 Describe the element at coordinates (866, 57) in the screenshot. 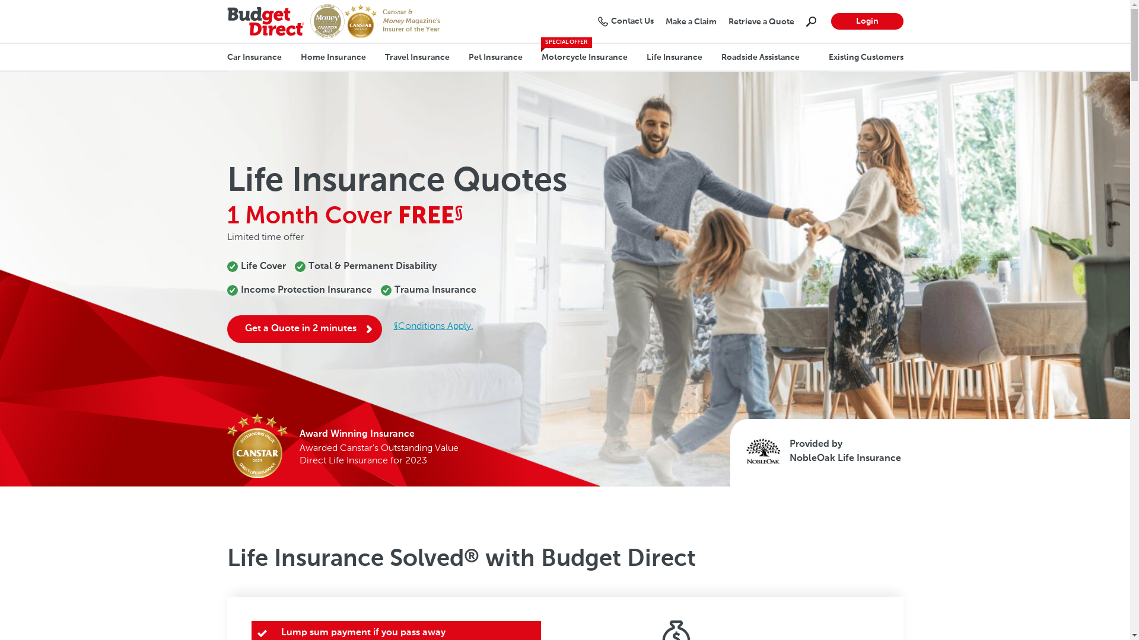

I see `'Existing Customers'` at that location.